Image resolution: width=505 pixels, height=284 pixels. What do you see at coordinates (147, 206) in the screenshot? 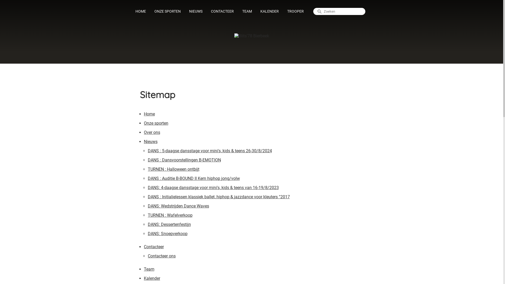
I see `'DANS: Wedstrijden Dance Waves'` at bounding box center [147, 206].